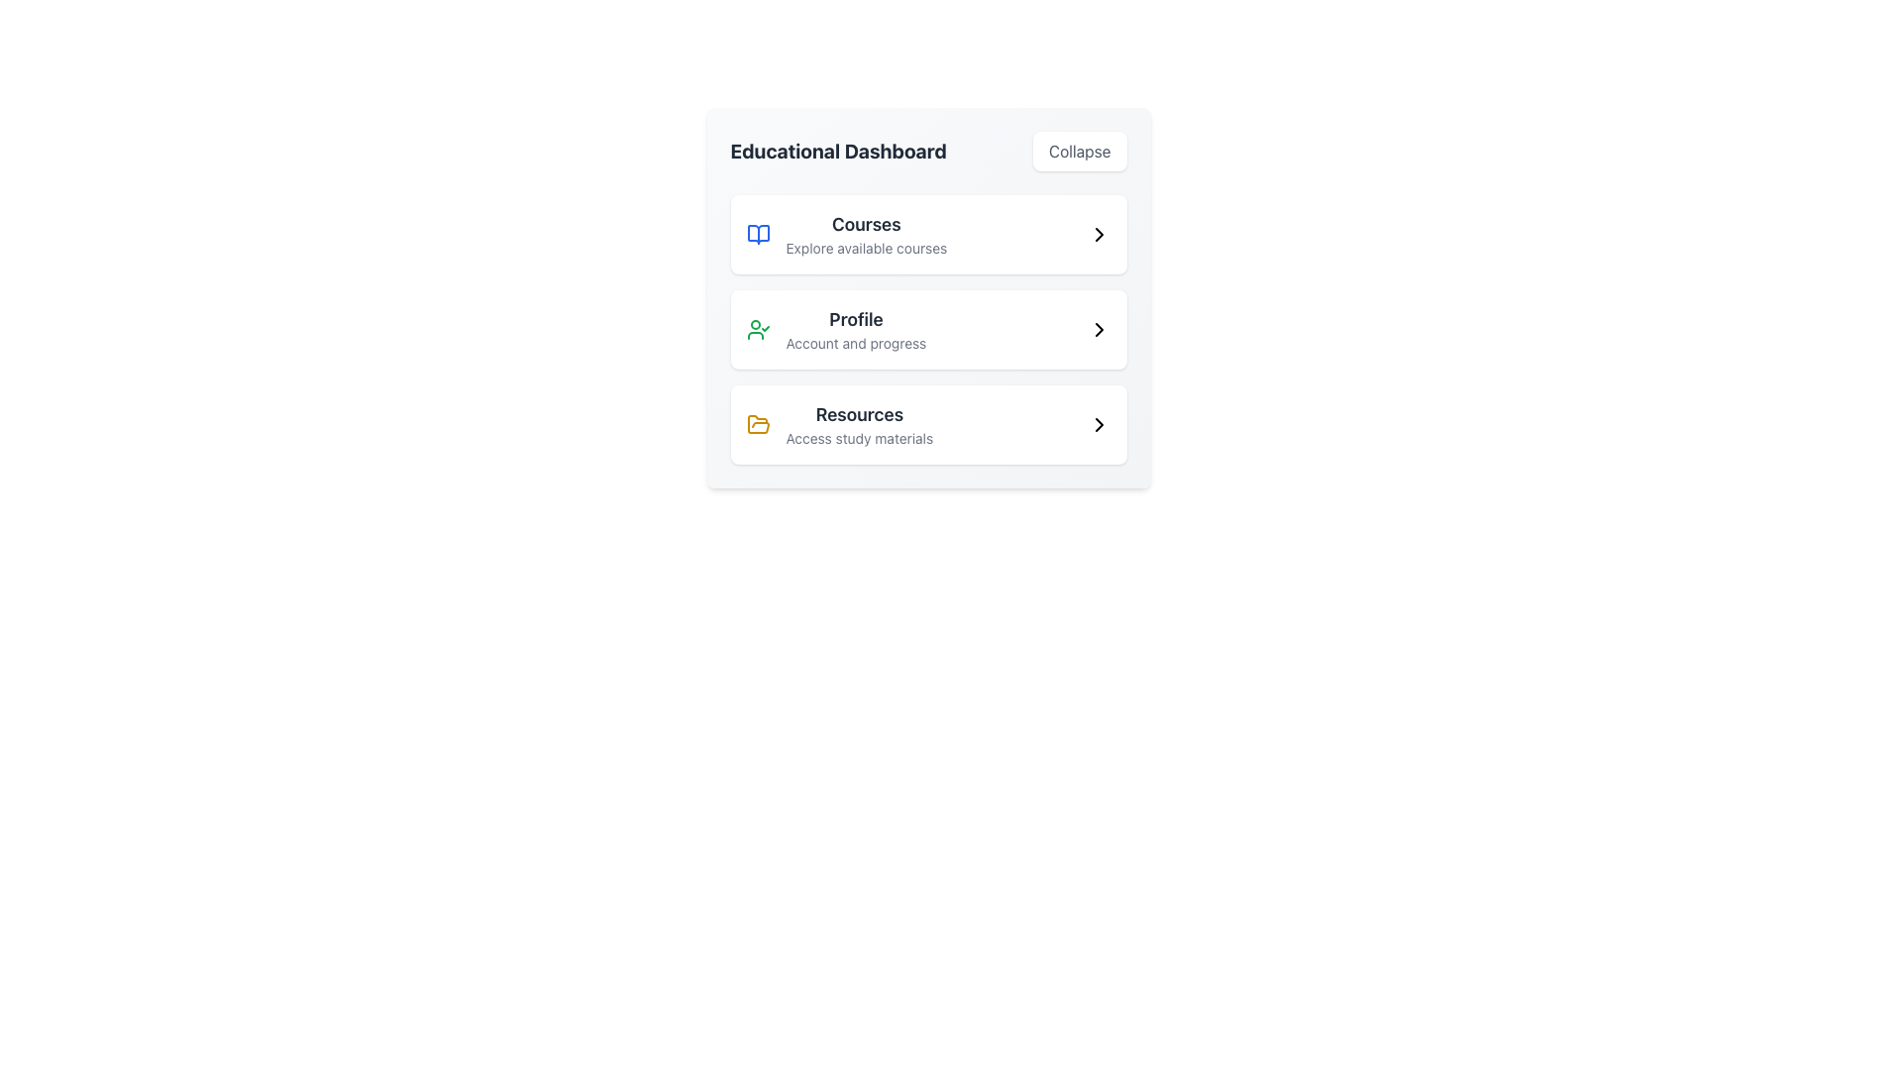 This screenshot has width=1902, height=1070. Describe the element at coordinates (757, 423) in the screenshot. I see `the yellow folder icon located to the left of the 'Resources' text and above the 'Access study materials' text in the third row of the dashboard card` at that location.